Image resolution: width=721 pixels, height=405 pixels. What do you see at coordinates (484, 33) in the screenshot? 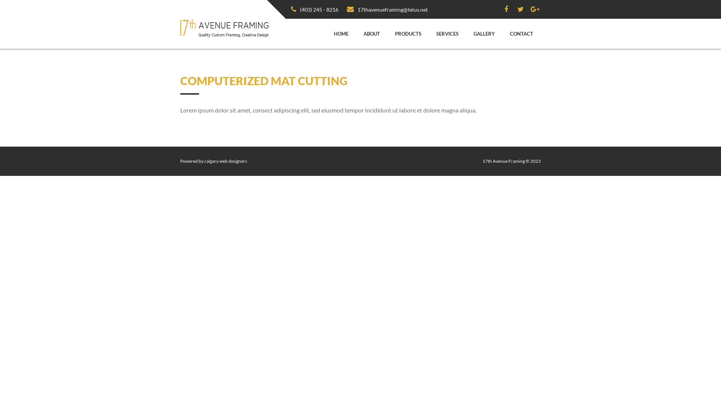
I see `'GALLERY'` at bounding box center [484, 33].